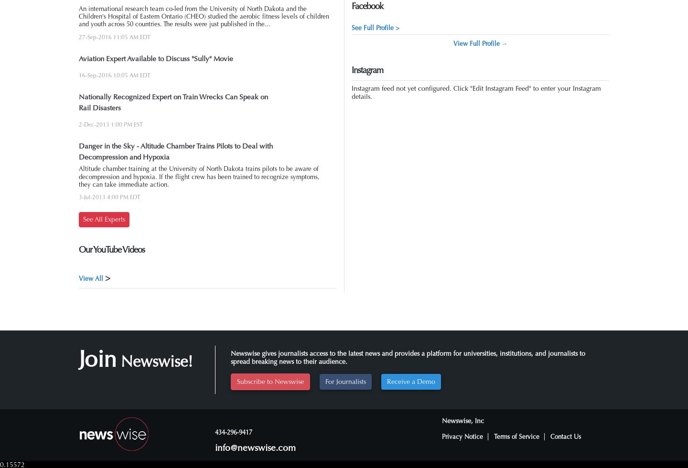  Describe the element at coordinates (199, 177) in the screenshot. I see `'Altitude chamber training at the University of North Dakota trains pilots to be aware of decompression and hypoxia. If the flight crew has been trained to recognize symptoms, they can take immediate action.'` at that location.